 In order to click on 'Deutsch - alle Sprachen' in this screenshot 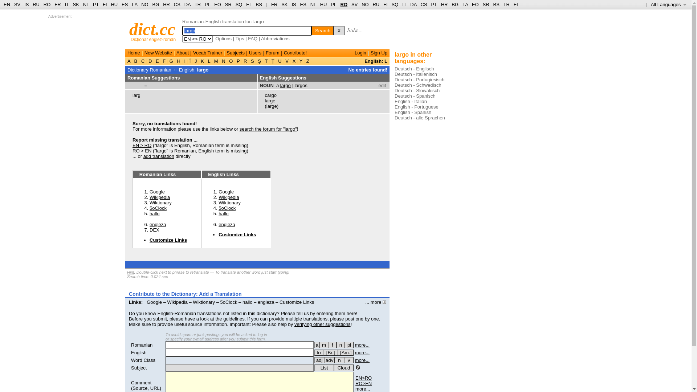, I will do `click(420, 117)`.